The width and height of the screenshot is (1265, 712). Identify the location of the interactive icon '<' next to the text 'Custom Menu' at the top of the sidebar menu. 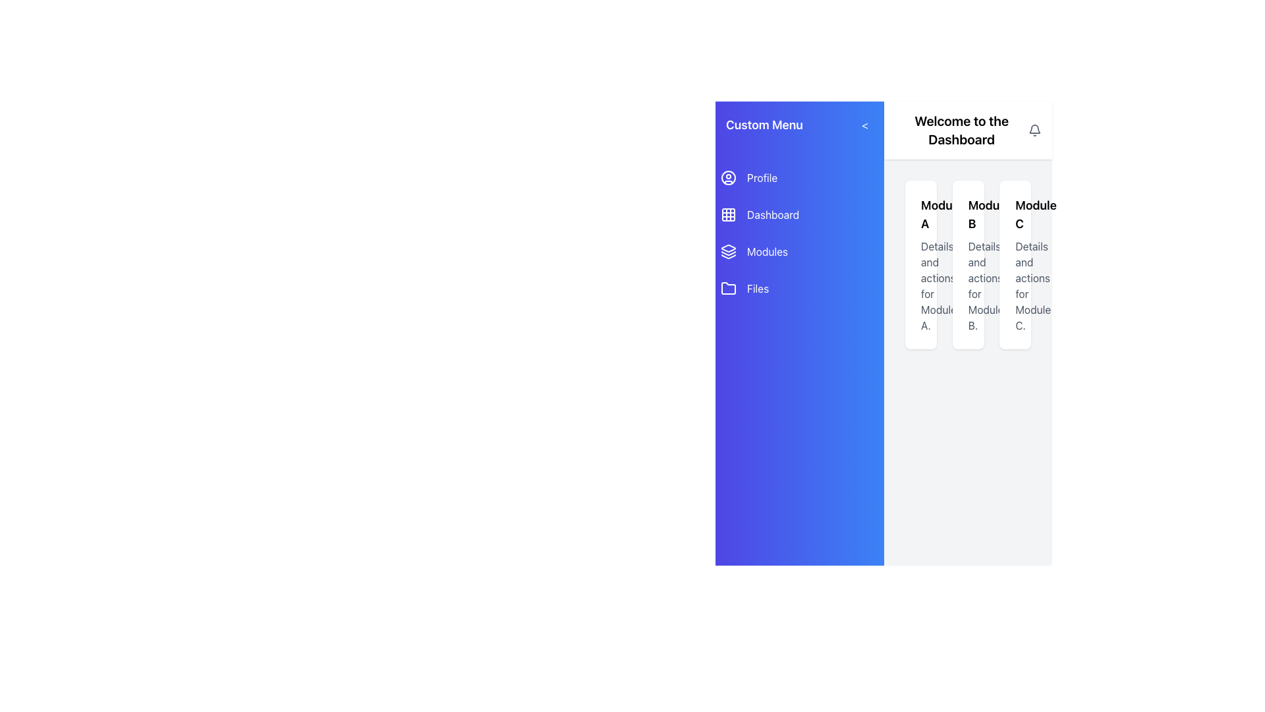
(799, 125).